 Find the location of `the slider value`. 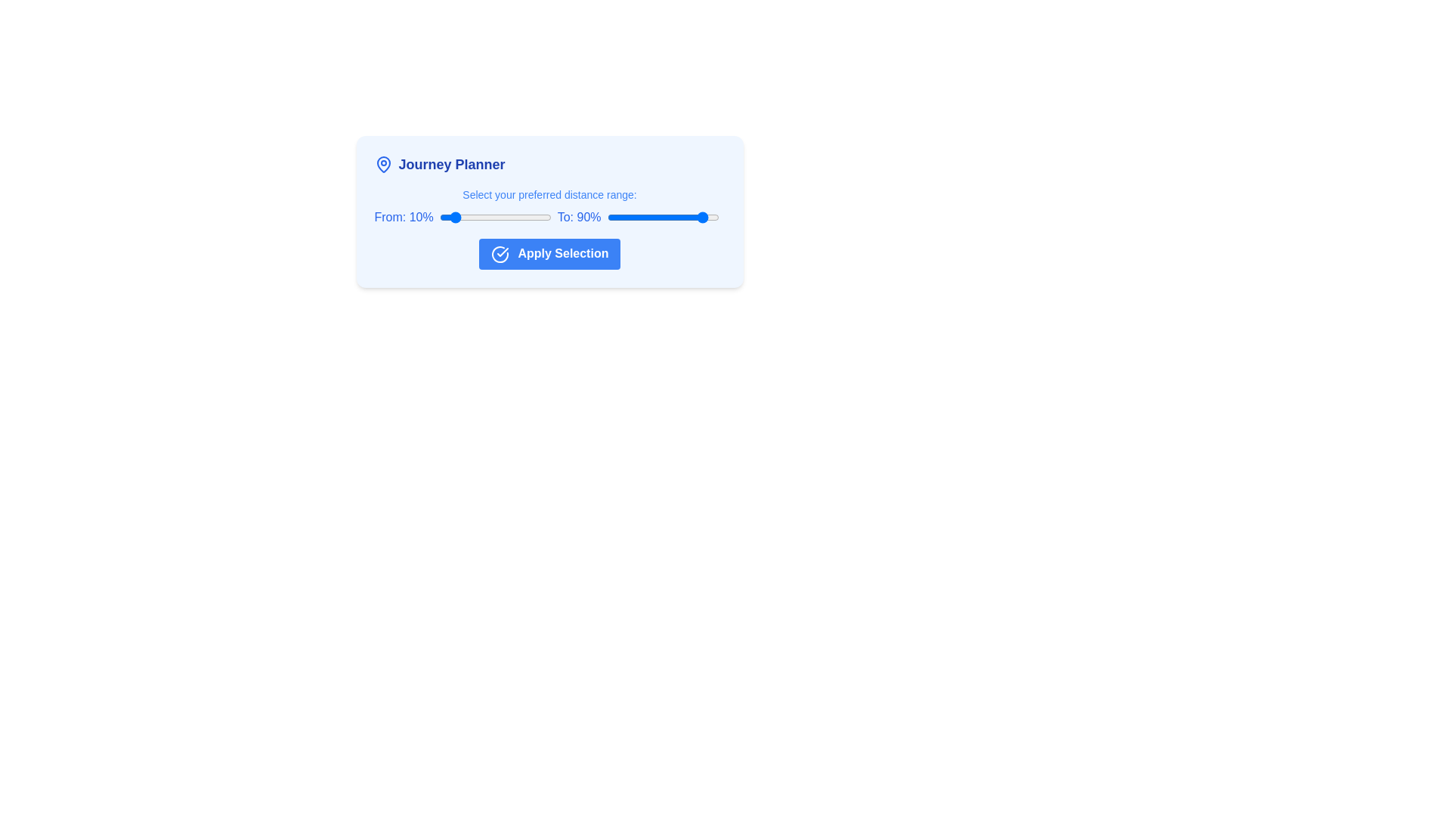

the slider value is located at coordinates (662, 218).